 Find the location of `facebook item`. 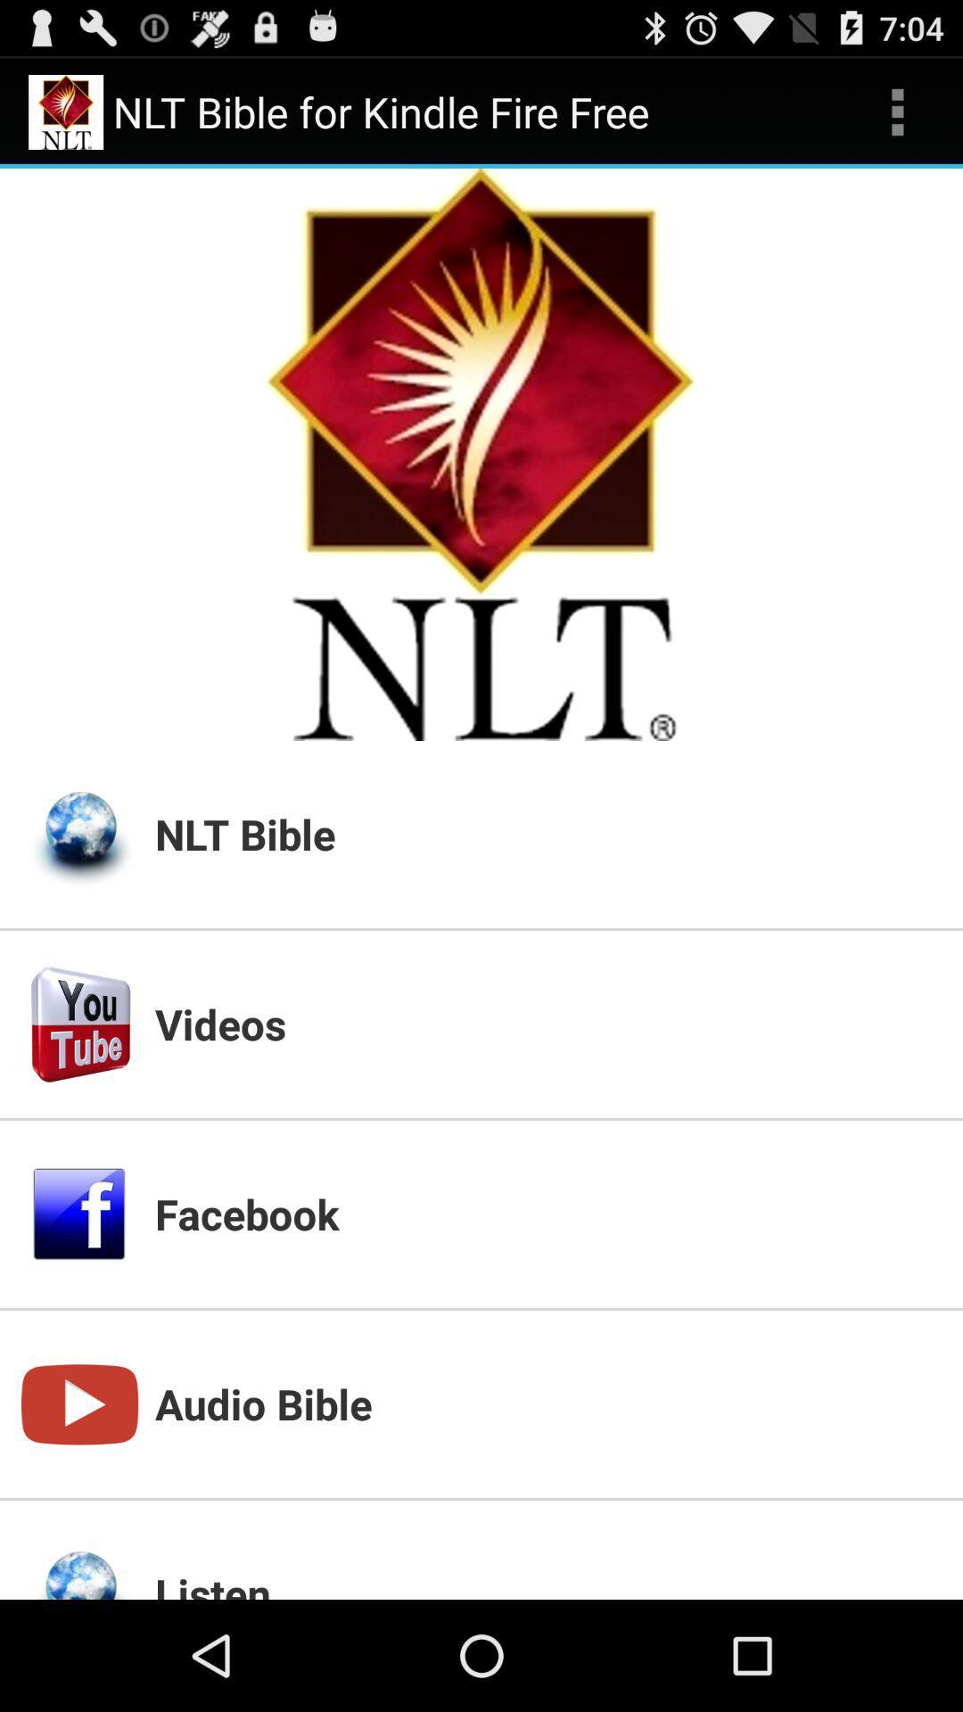

facebook item is located at coordinates (547, 1213).